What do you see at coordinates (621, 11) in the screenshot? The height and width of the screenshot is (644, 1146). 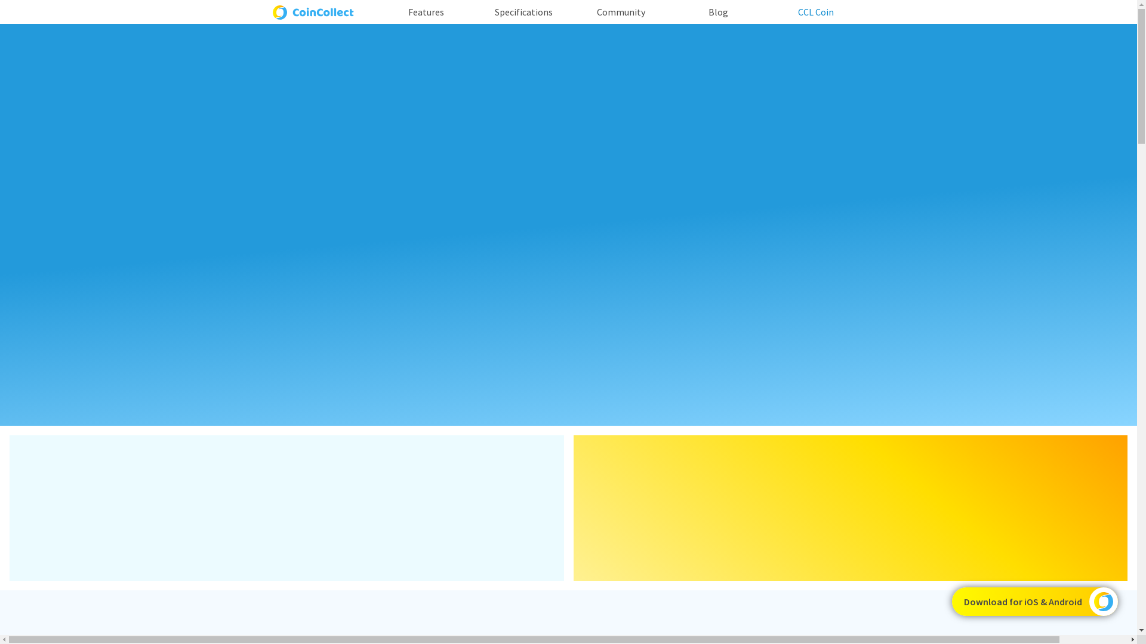 I see `'Community'` at bounding box center [621, 11].